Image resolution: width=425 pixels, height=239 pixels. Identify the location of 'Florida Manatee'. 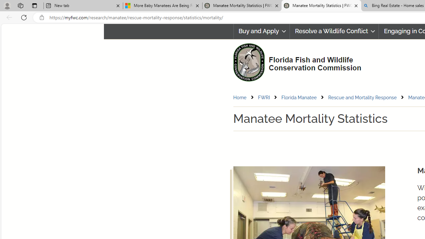
(298, 97).